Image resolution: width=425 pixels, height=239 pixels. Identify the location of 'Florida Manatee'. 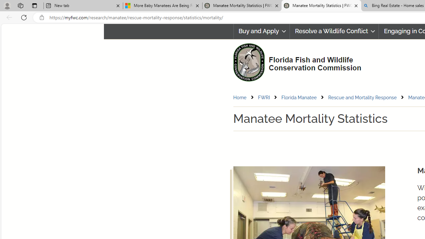
(298, 97).